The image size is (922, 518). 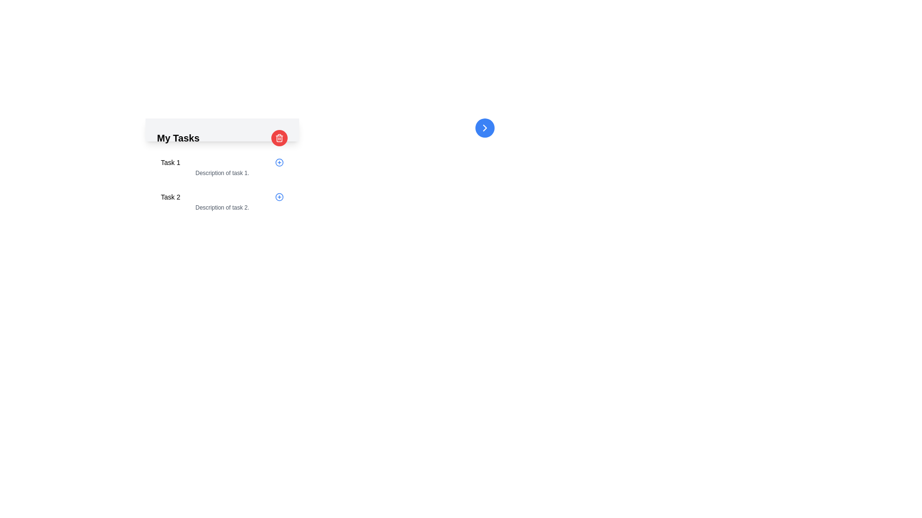 I want to click on the SVG Circle Element that is part of the plus icon located to the right of the label 'Task 2', so click(x=279, y=162).